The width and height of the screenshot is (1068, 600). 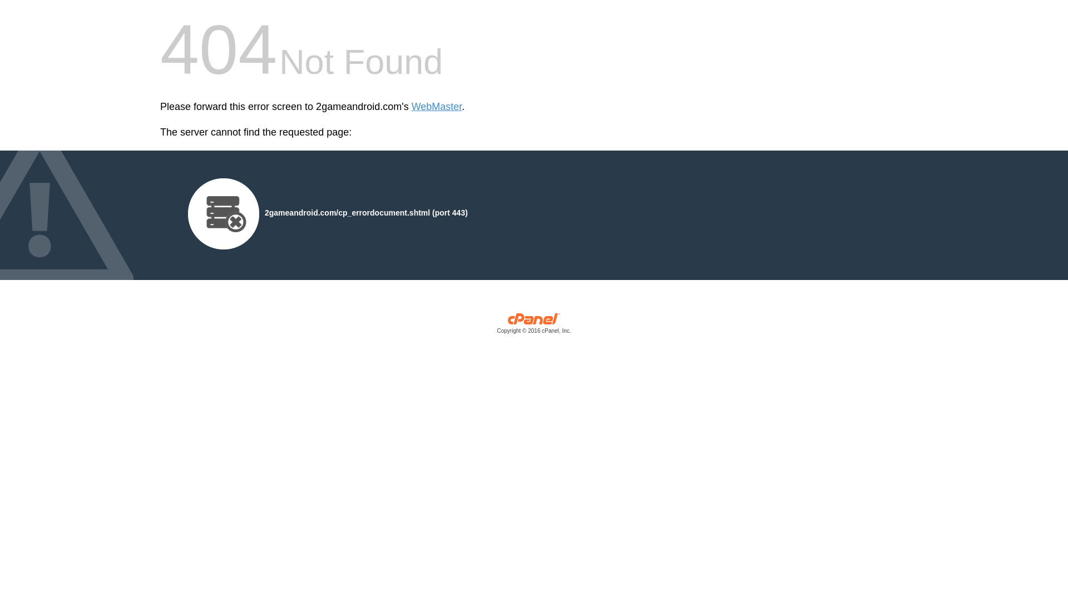 I want to click on 'WebMaster', so click(x=436, y=107).